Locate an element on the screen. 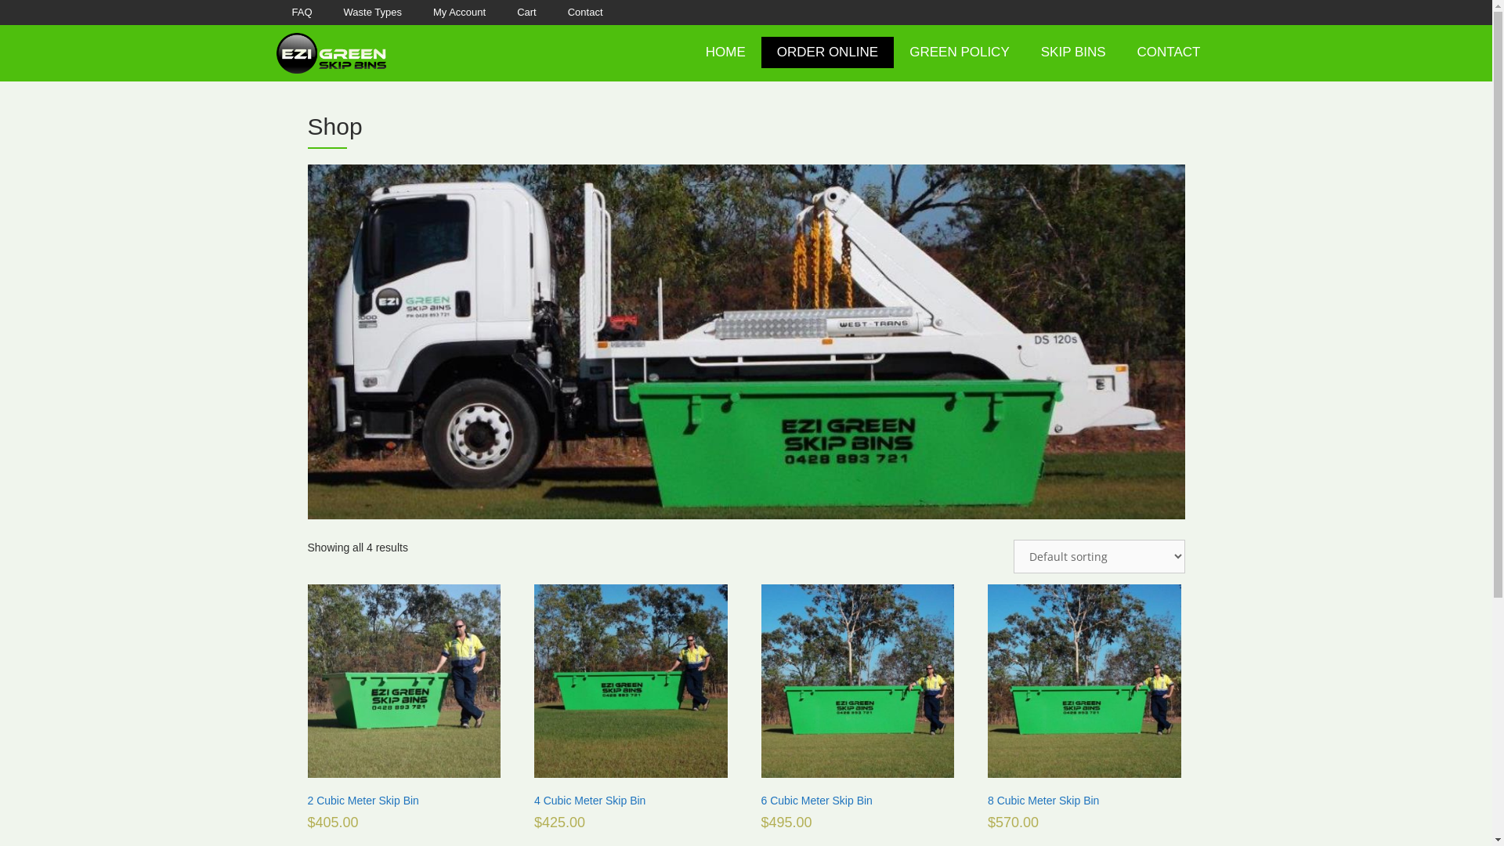 This screenshot has width=1504, height=846. 'CONTACT' is located at coordinates (1169, 51).